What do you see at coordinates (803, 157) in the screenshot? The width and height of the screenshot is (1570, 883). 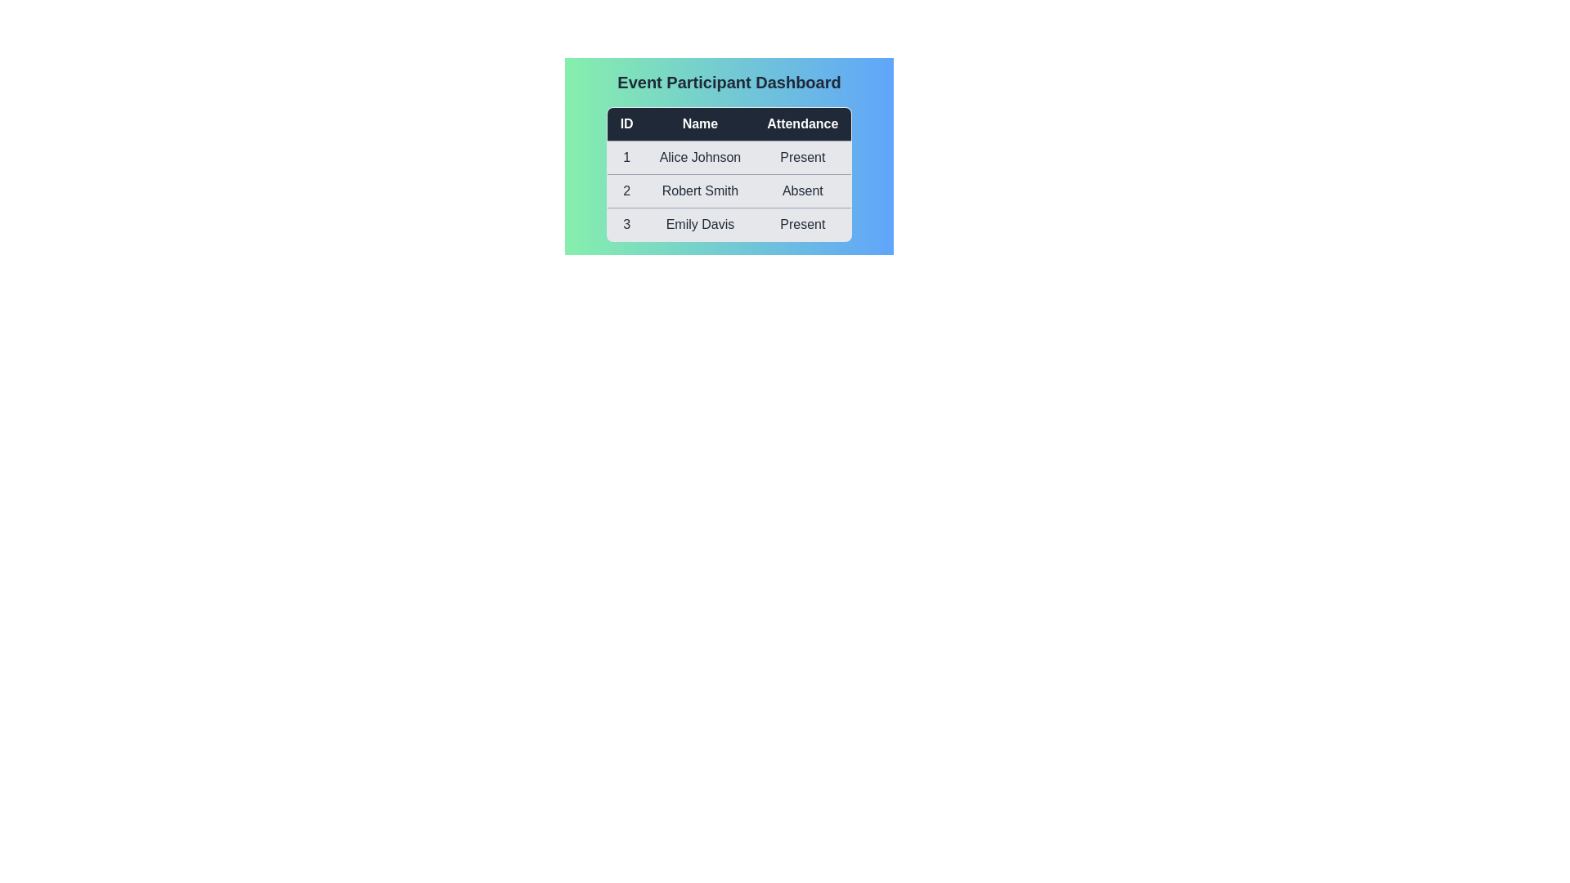 I see `the Text Label indicating the attendance status of 'Alice Johnson' as 'Present', located in the third column of the Attendance table` at bounding box center [803, 157].